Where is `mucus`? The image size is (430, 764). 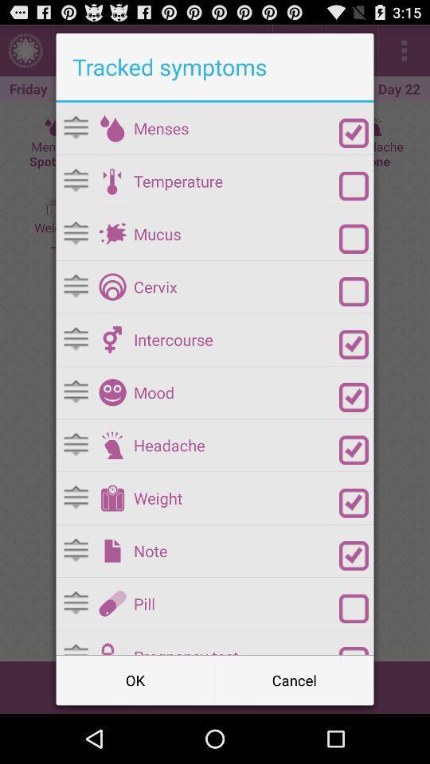 mucus is located at coordinates (111, 233).